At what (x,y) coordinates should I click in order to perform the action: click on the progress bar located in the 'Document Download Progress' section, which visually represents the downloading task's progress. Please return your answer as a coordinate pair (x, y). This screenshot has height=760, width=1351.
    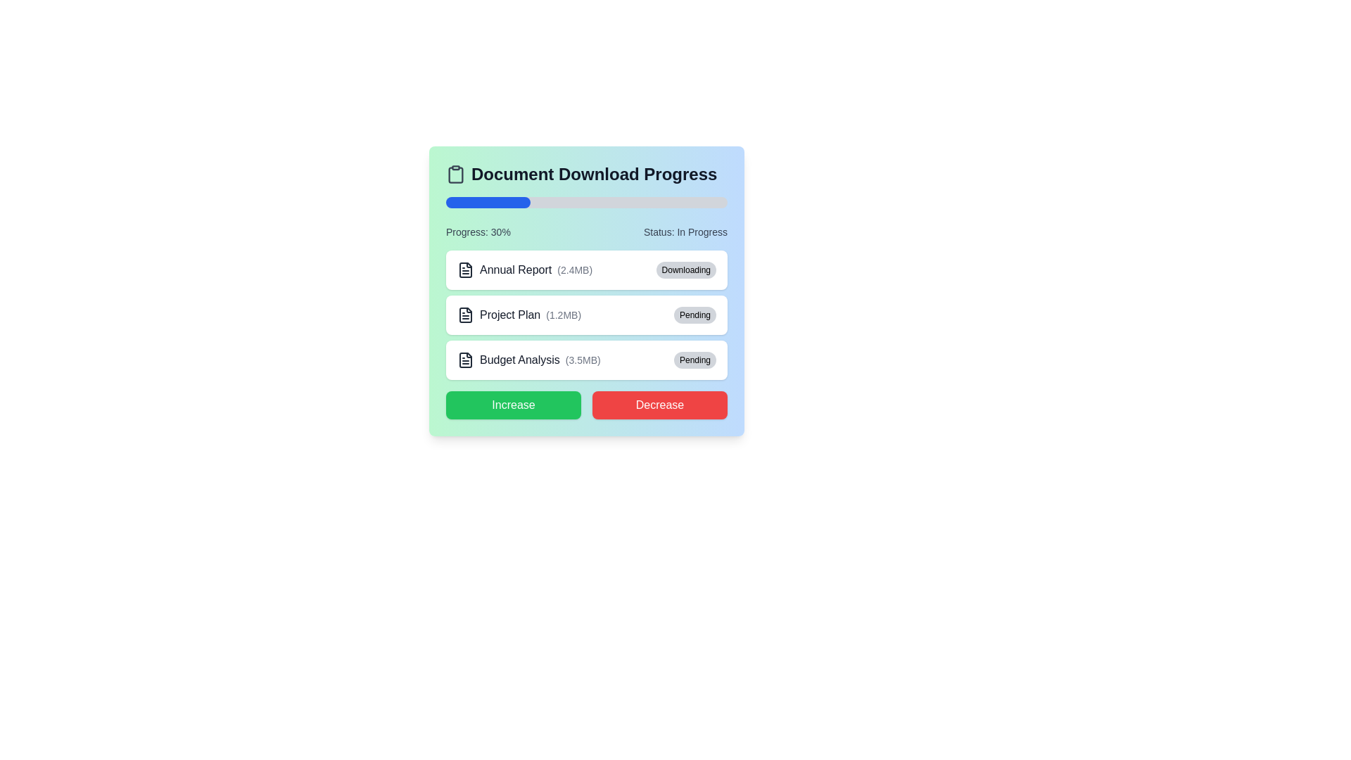
    Looking at the image, I should click on (587, 203).